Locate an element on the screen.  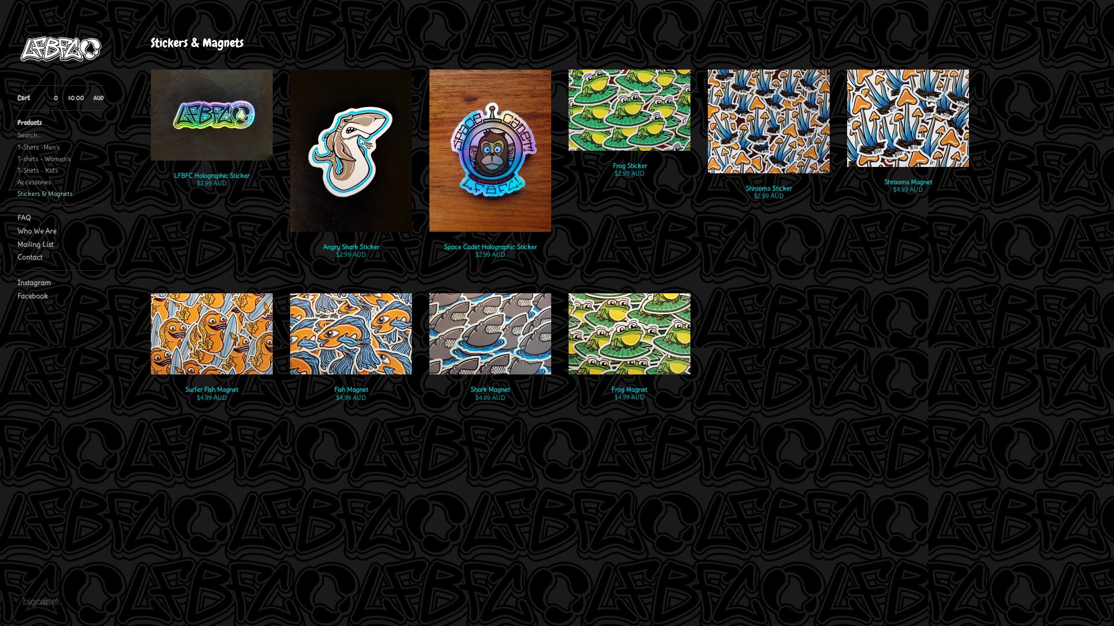
'T-shirts - Women's' is located at coordinates (60, 158).